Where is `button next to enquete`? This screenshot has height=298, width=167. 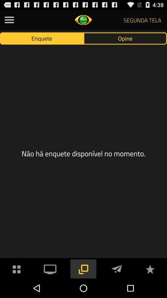
button next to enquete is located at coordinates (125, 38).